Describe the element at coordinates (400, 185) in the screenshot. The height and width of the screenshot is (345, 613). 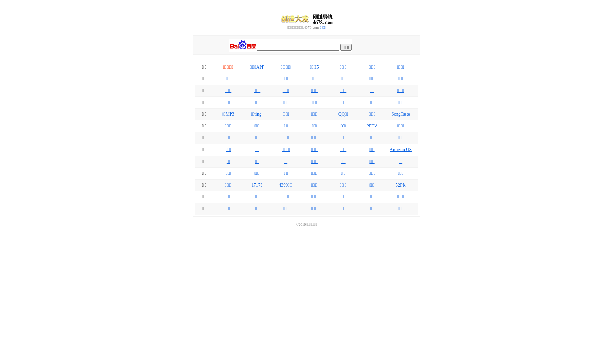
I see `'52PK'` at that location.